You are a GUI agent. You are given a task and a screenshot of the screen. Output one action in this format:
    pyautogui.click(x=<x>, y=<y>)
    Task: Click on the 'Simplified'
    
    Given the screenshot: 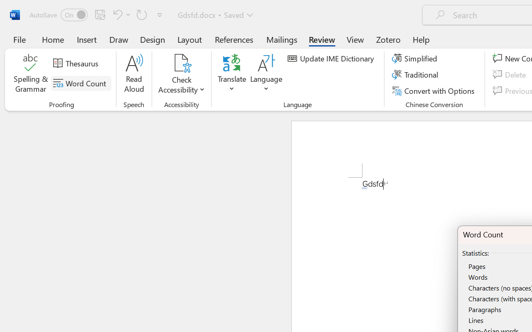 What is the action you would take?
    pyautogui.click(x=416, y=59)
    